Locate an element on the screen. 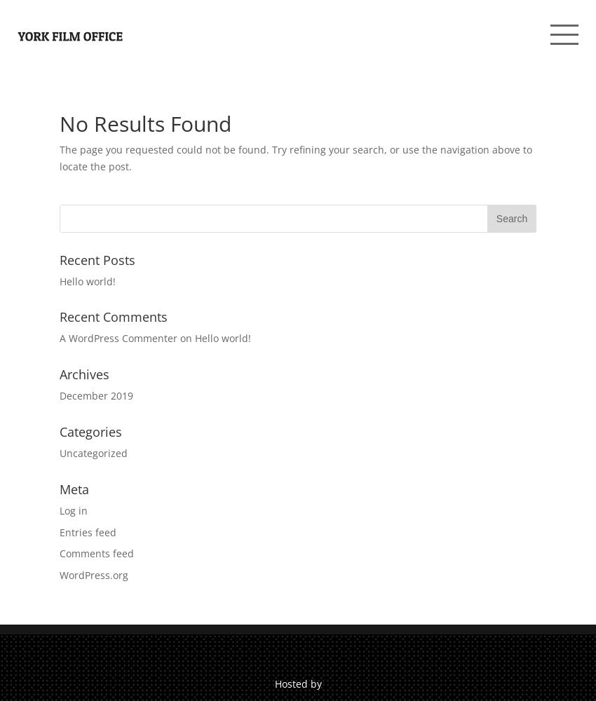  'Recent Posts' is located at coordinates (97, 259).